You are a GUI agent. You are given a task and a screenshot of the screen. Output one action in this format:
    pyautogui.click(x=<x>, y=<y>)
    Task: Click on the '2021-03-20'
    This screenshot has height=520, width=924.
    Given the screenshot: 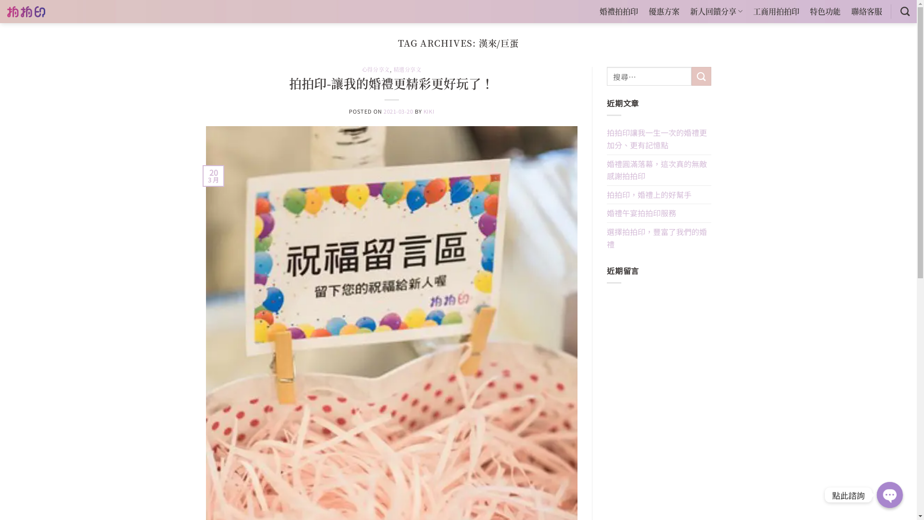 What is the action you would take?
    pyautogui.click(x=398, y=111)
    